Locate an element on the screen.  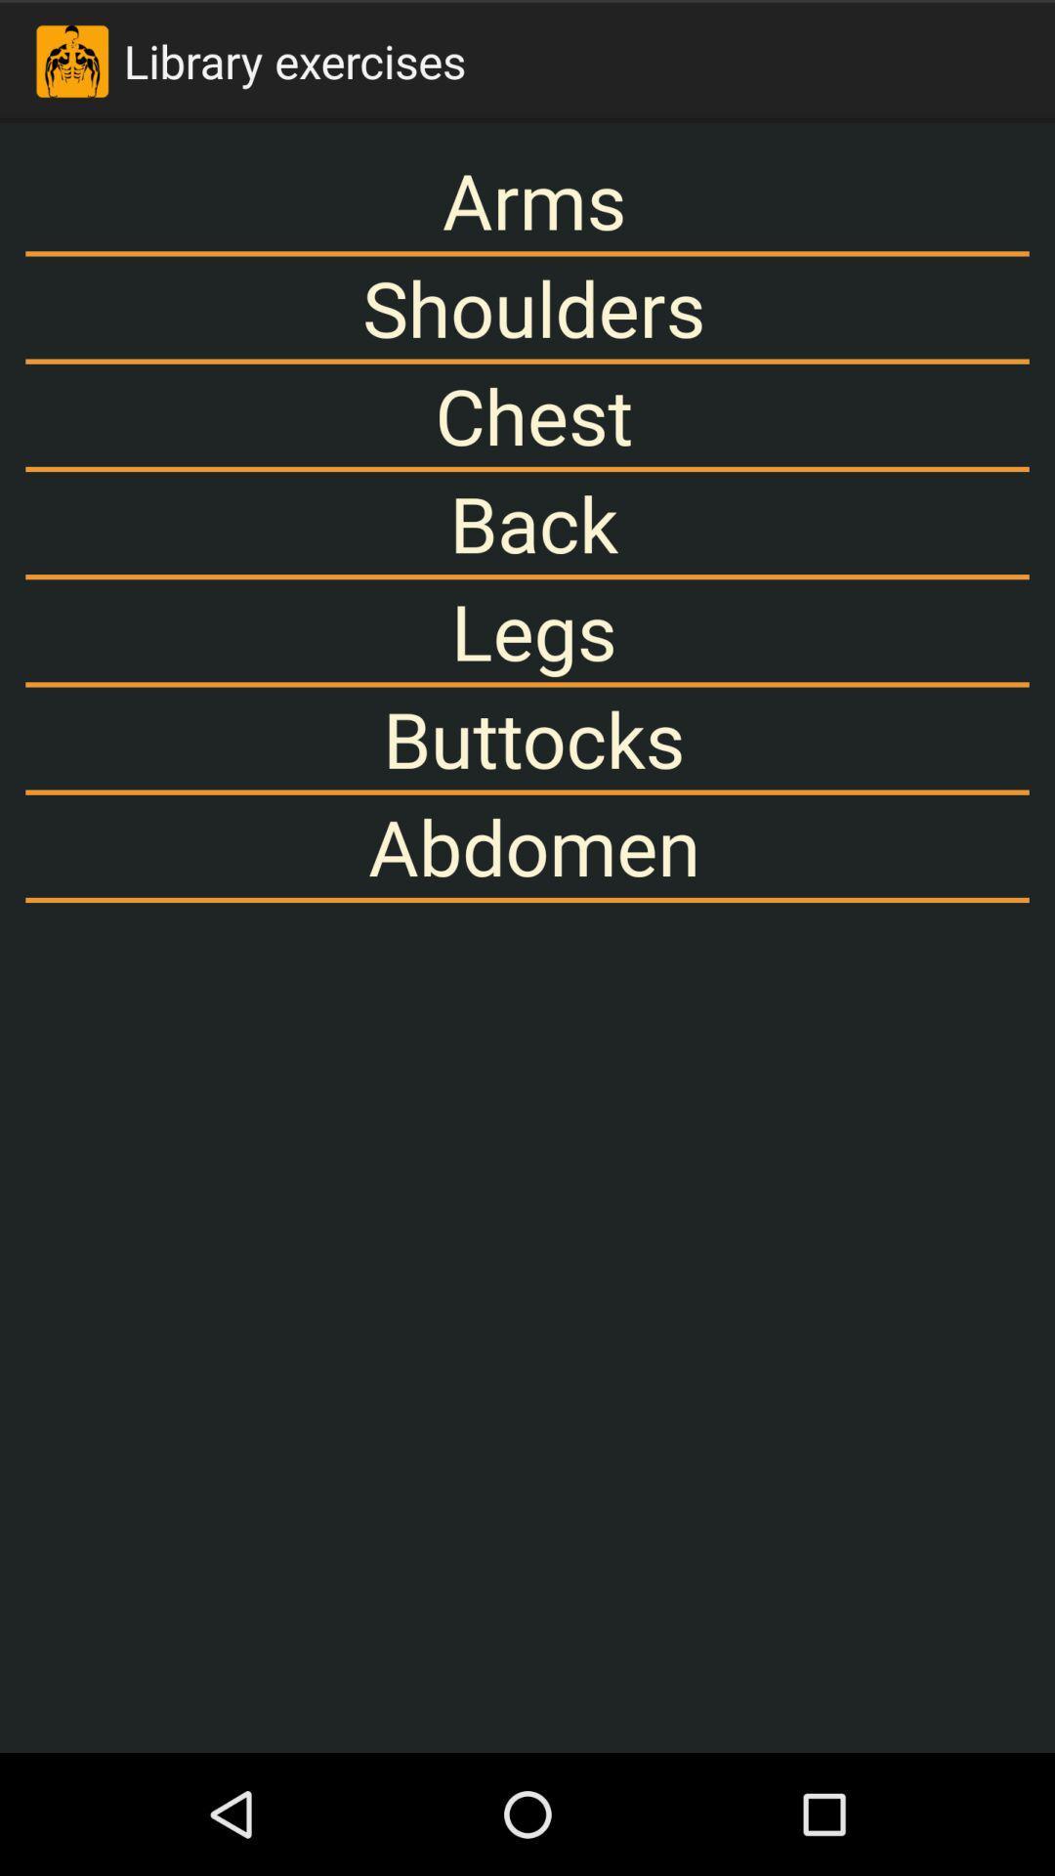
arms is located at coordinates (527, 199).